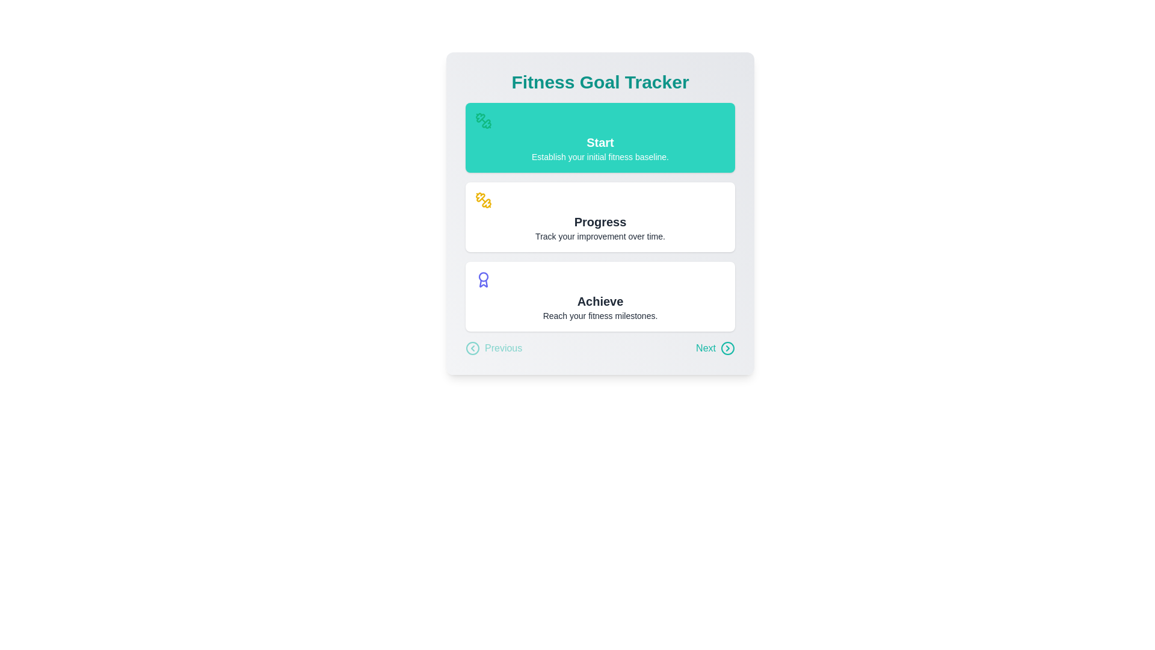 This screenshot has width=1155, height=650. What do you see at coordinates (504, 348) in the screenshot?
I see `the 'Previous' text label element, which is styled in teal and located in the bottom-left corner of the navigation control` at bounding box center [504, 348].